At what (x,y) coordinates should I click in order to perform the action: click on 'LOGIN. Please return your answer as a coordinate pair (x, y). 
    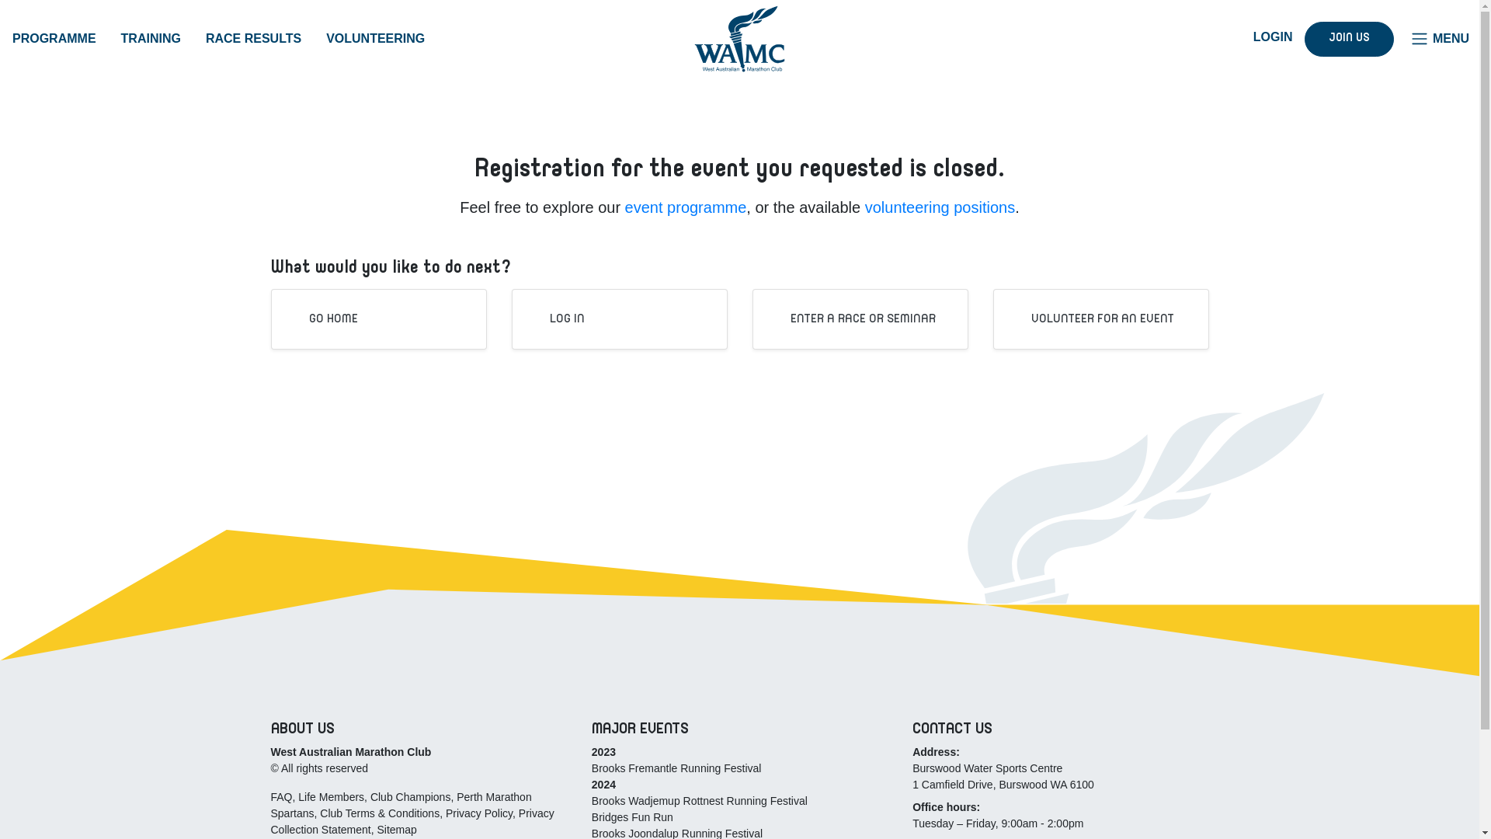
    Looking at the image, I should click on (1261, 36).